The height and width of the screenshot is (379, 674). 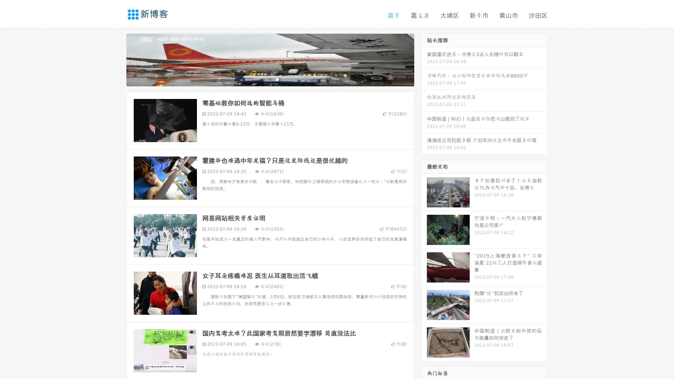 I want to click on Go to slide 3, so click(x=277, y=79).